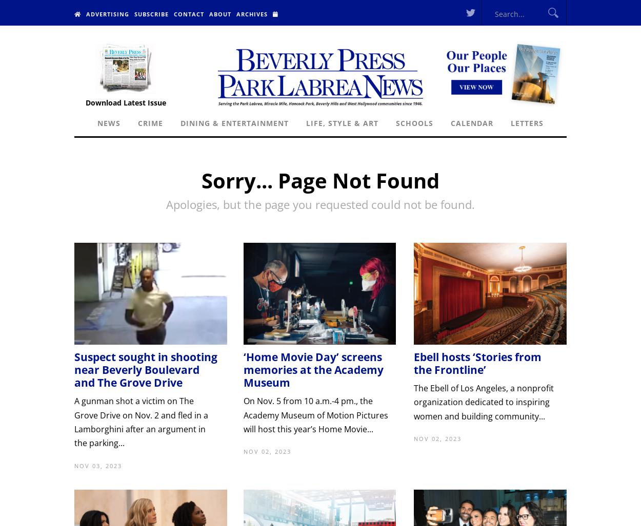 The height and width of the screenshot is (526, 641). I want to click on 'Apologies, but the page you requested could not be found.', so click(320, 204).